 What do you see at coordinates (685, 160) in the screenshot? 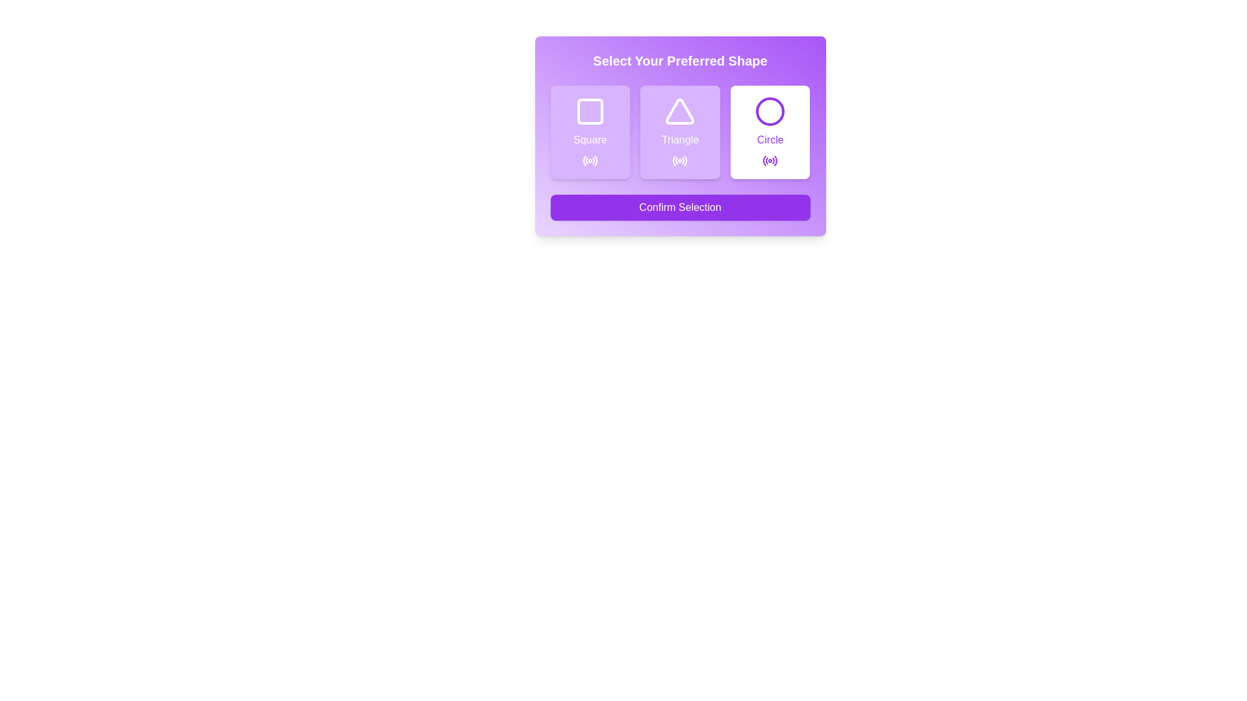
I see `the outermost curve on the right side of the SVG graphic within the 'Triangle' option of the selection interface` at bounding box center [685, 160].